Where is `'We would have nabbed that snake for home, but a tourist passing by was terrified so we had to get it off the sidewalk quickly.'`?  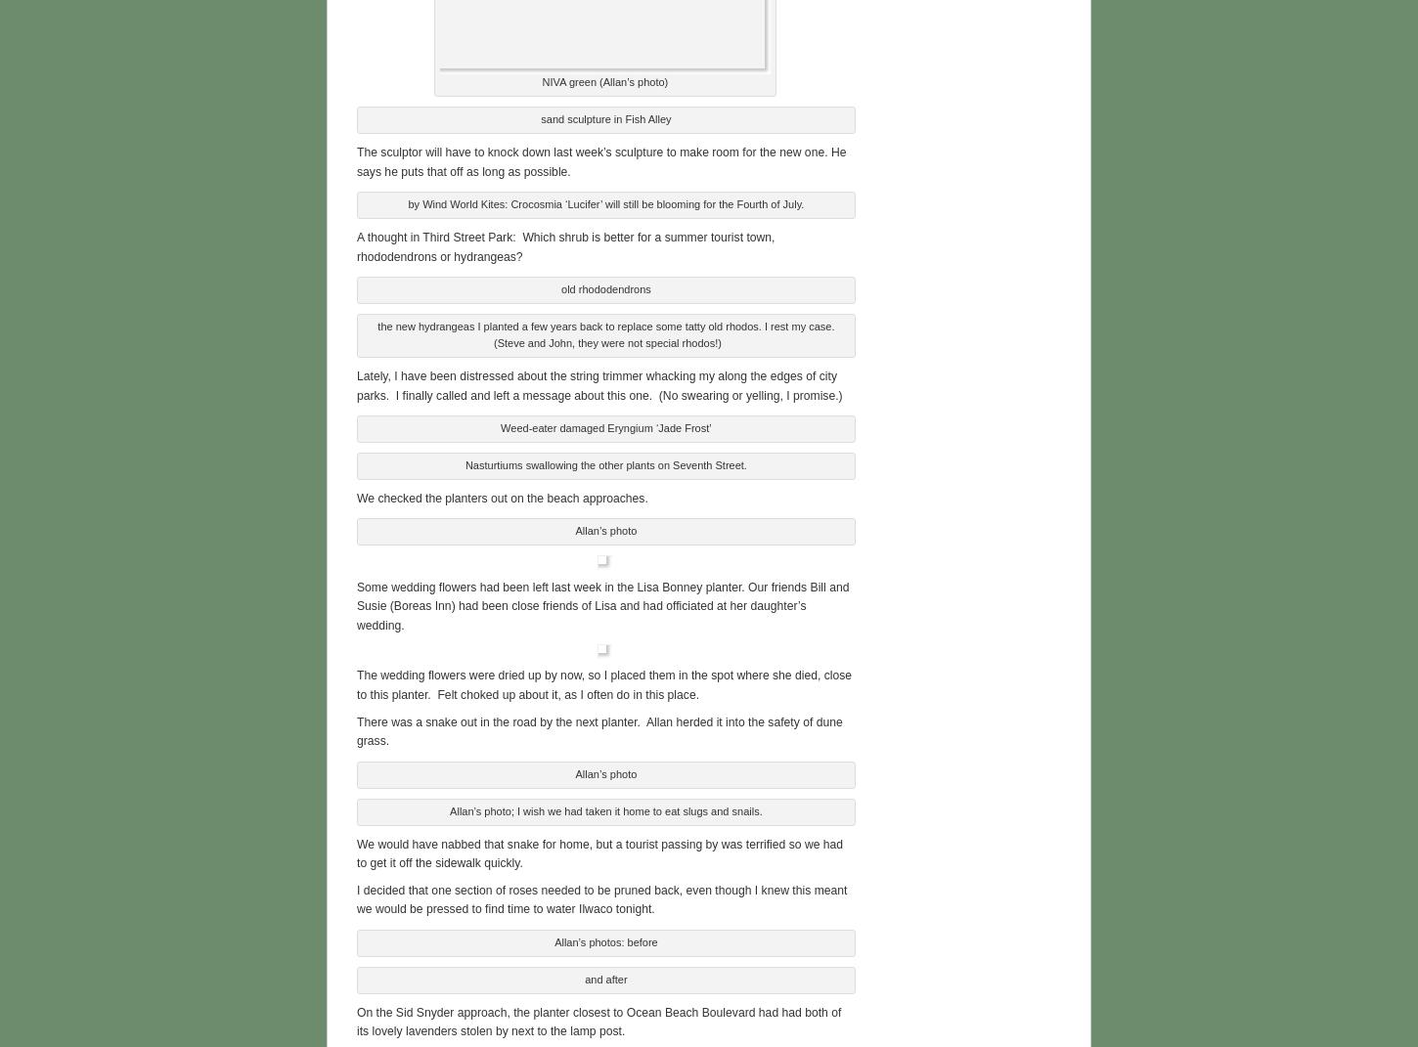
'We would have nabbed that snake for home, but a tourist passing by was terrified so we had to get it off the sidewalk quickly.' is located at coordinates (598, 851).